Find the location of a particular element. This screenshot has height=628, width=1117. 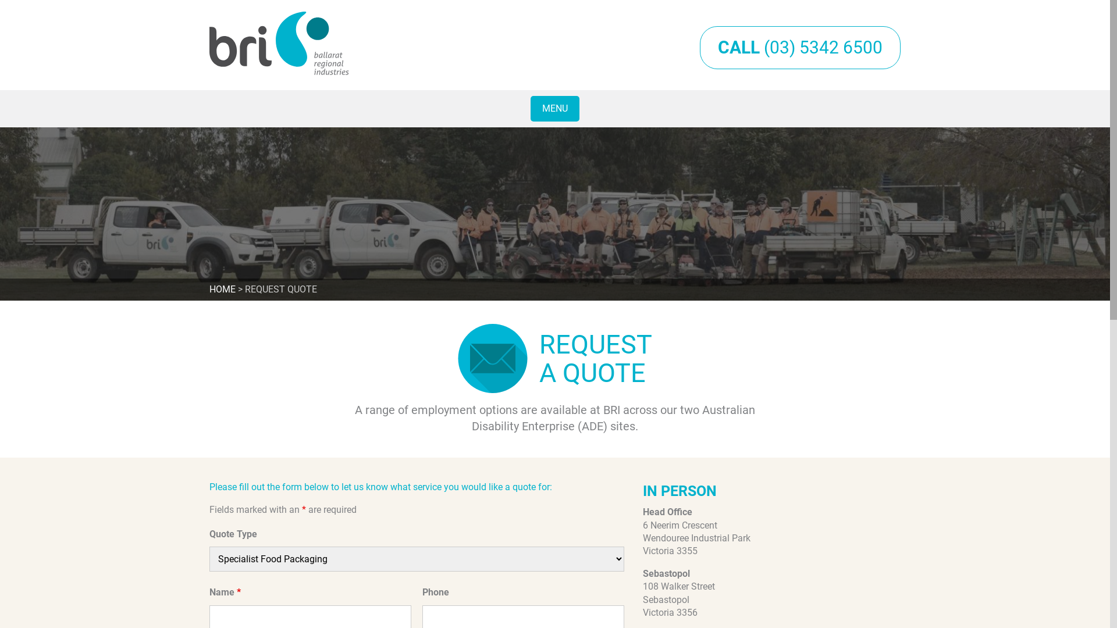

'MENU' is located at coordinates (554, 108).